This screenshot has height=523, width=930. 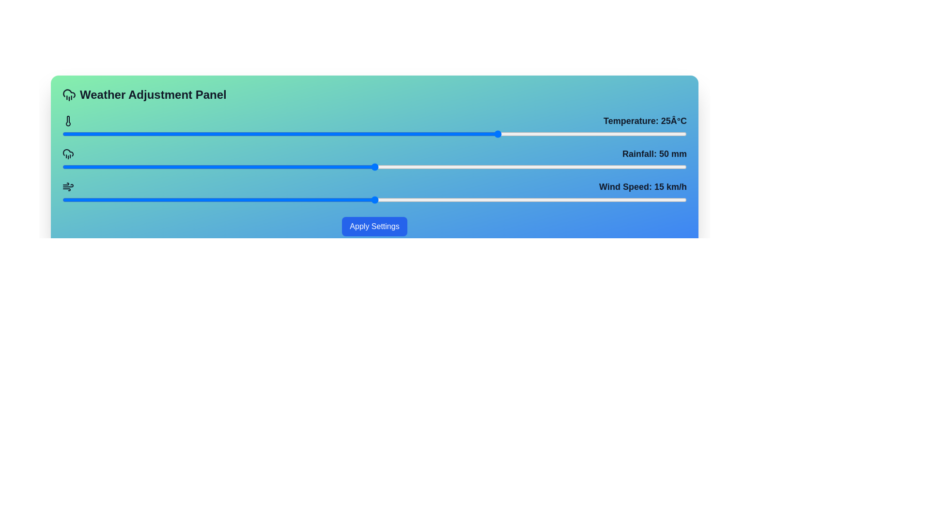 What do you see at coordinates (67, 153) in the screenshot?
I see `the rainfall icon located in the second row of icons in the weather adjustment panel, positioned below the temperature icon and above the wind speed icon` at bounding box center [67, 153].